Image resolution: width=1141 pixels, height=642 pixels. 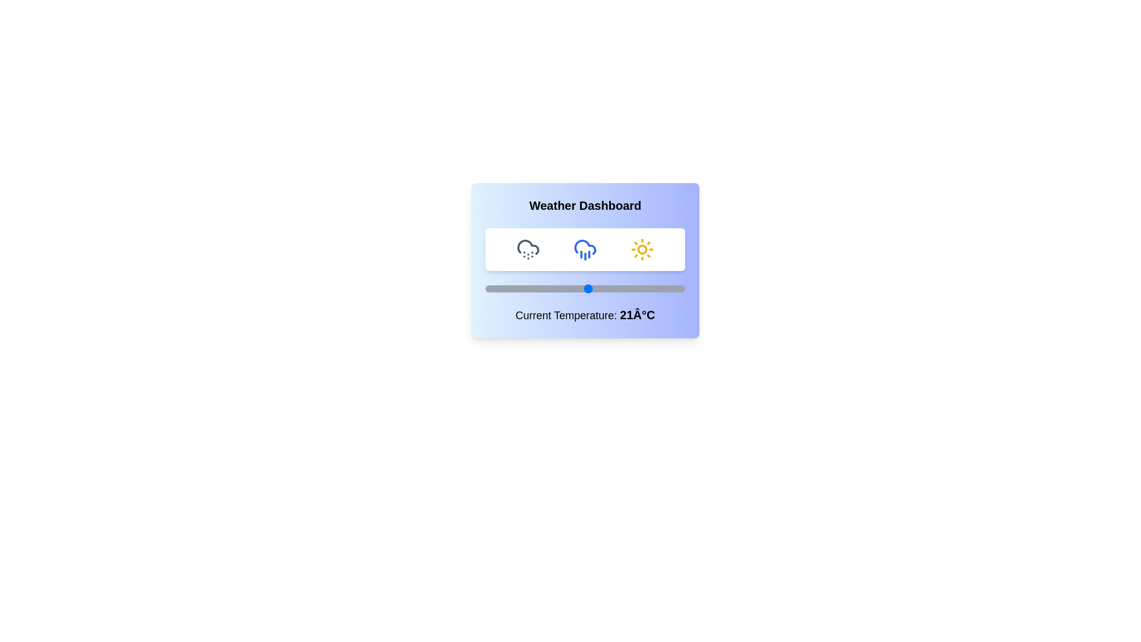 What do you see at coordinates (495, 289) in the screenshot?
I see `the temperature slider to set the temperature to -7°C` at bounding box center [495, 289].